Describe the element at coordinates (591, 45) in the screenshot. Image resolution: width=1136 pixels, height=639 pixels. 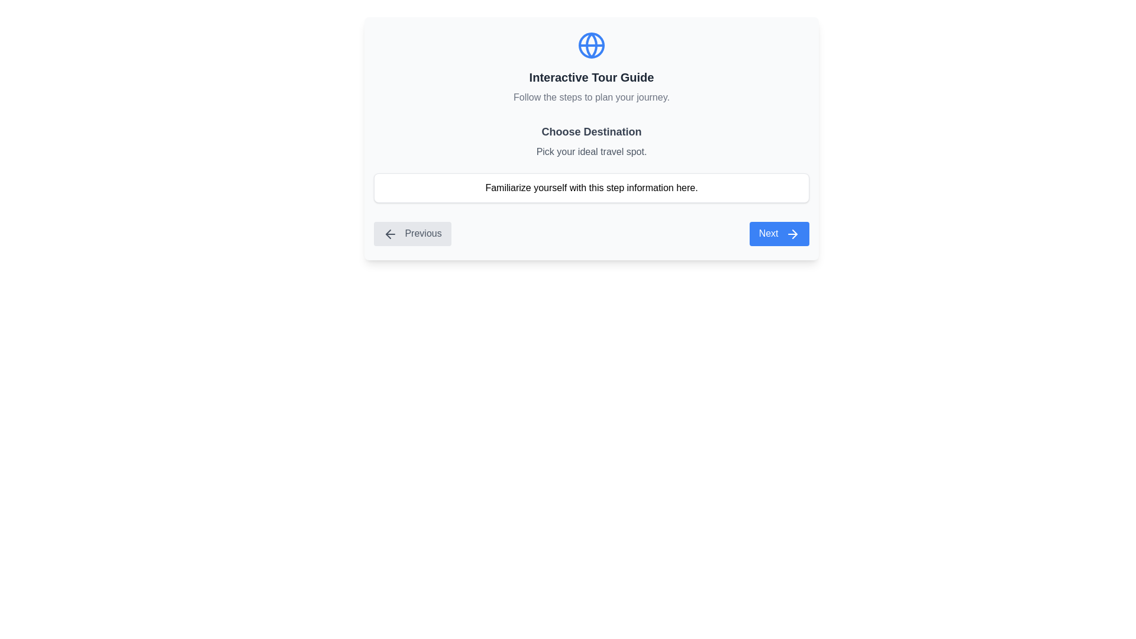
I see `the circular blue globe icon located at the top center of the content area, above the 'Interactive Tour Guide' text` at that location.